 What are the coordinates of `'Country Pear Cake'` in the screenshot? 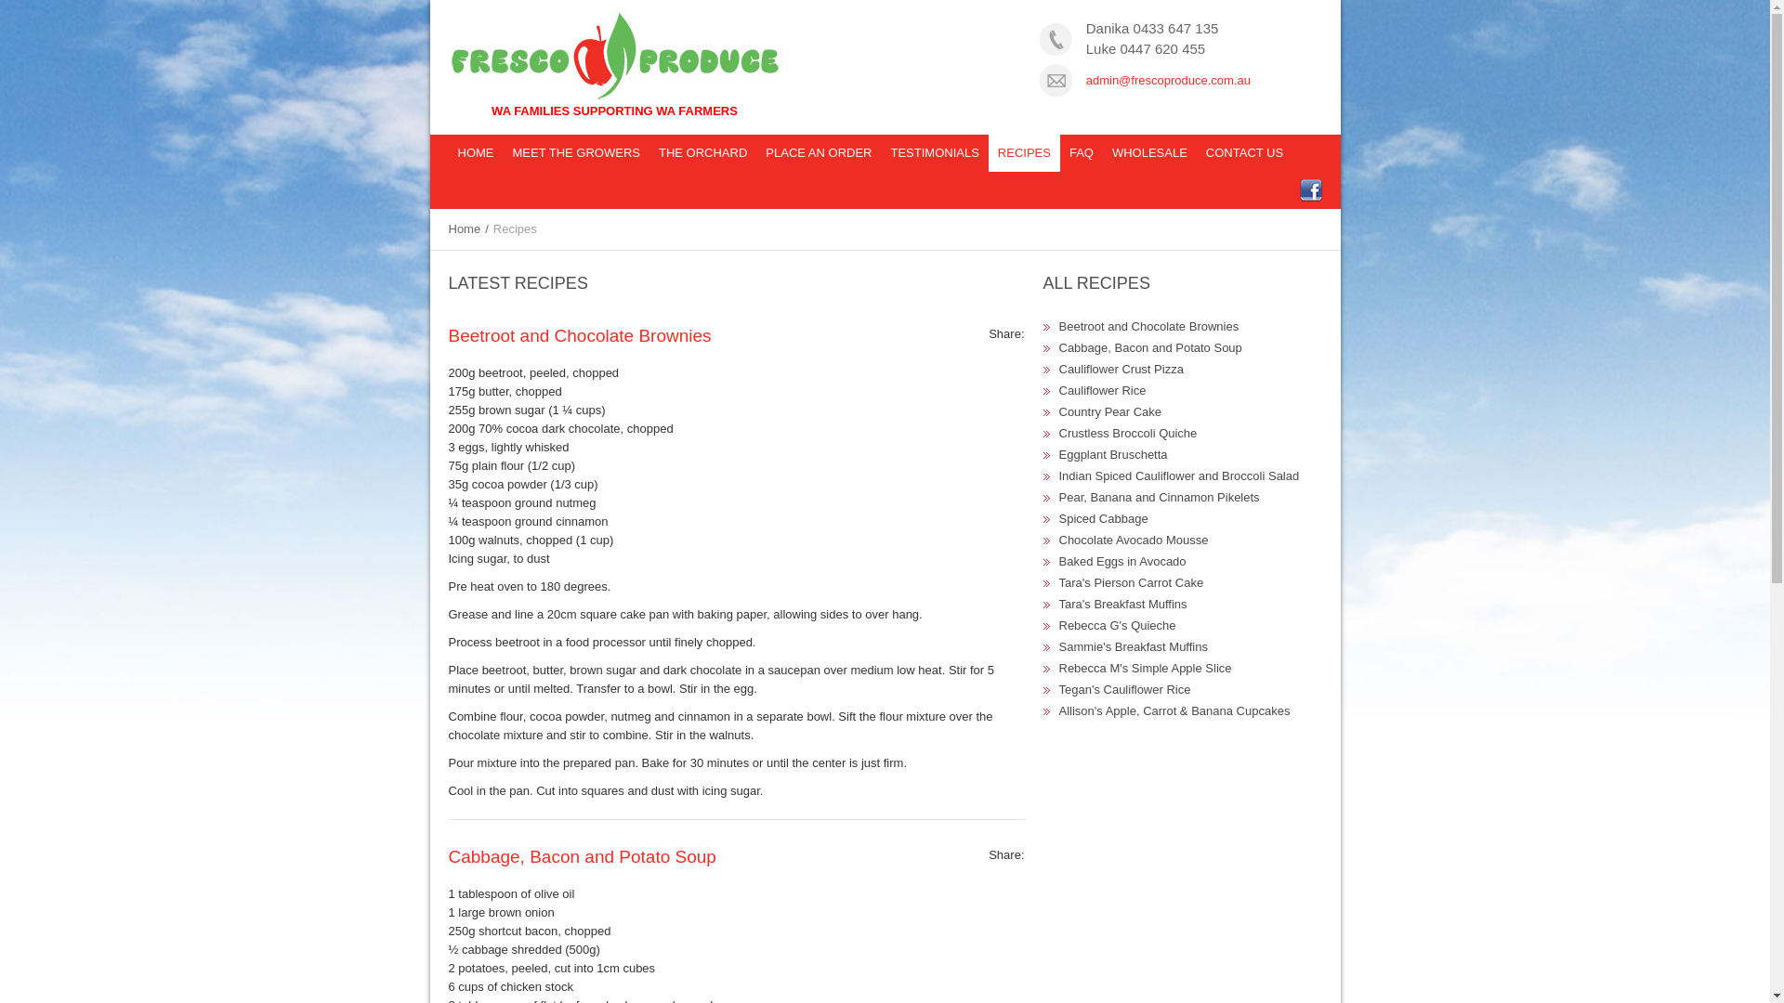 It's located at (1110, 410).